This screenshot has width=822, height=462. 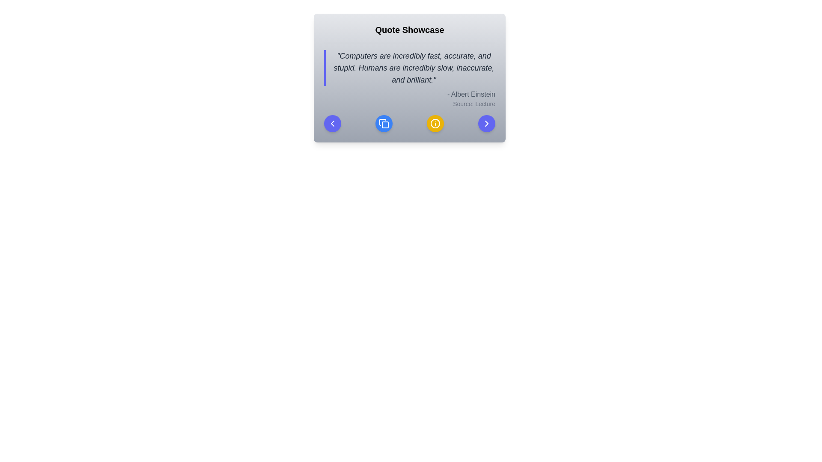 I want to click on the copy action icon, which is styled with two overlapping squares and is centered within a blue circular button, so click(x=384, y=124).